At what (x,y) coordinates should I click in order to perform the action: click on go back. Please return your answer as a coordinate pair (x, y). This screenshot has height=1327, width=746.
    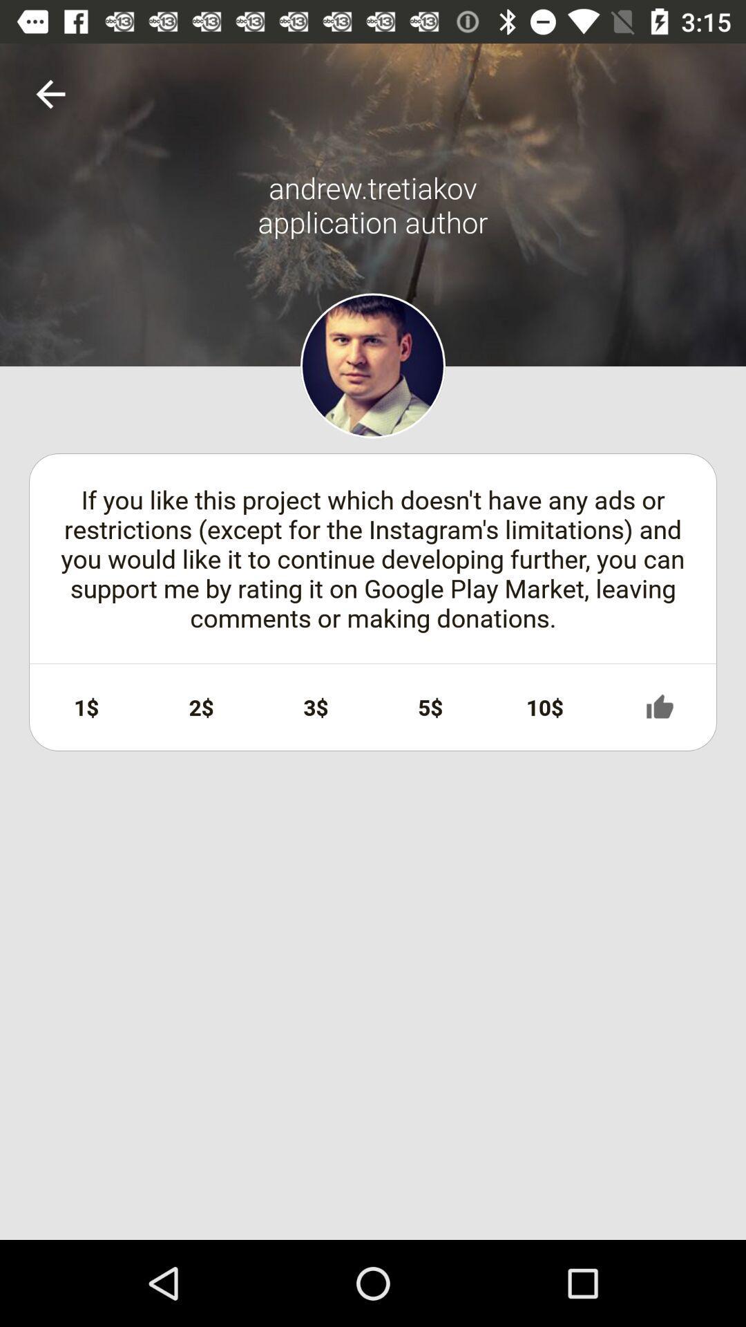
    Looking at the image, I should click on (50, 93).